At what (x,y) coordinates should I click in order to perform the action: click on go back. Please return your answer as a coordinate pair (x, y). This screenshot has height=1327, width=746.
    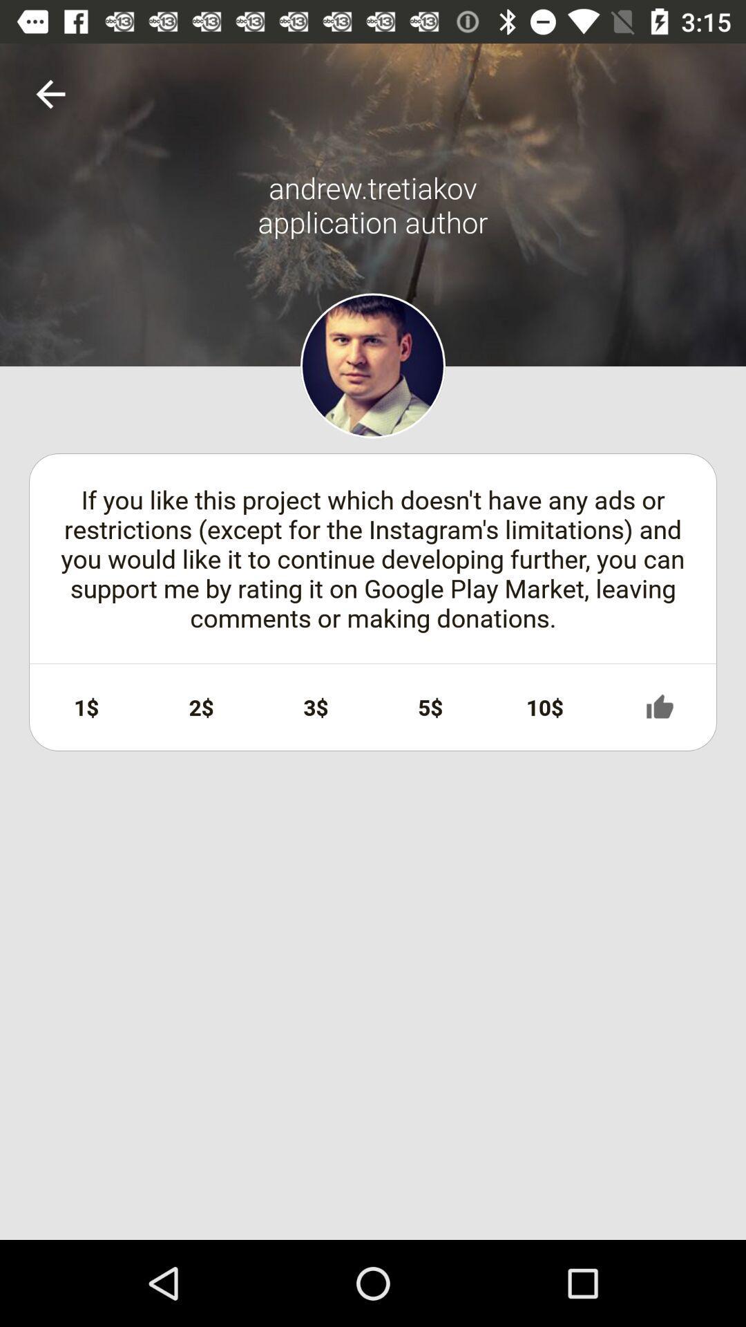
    Looking at the image, I should click on (50, 93).